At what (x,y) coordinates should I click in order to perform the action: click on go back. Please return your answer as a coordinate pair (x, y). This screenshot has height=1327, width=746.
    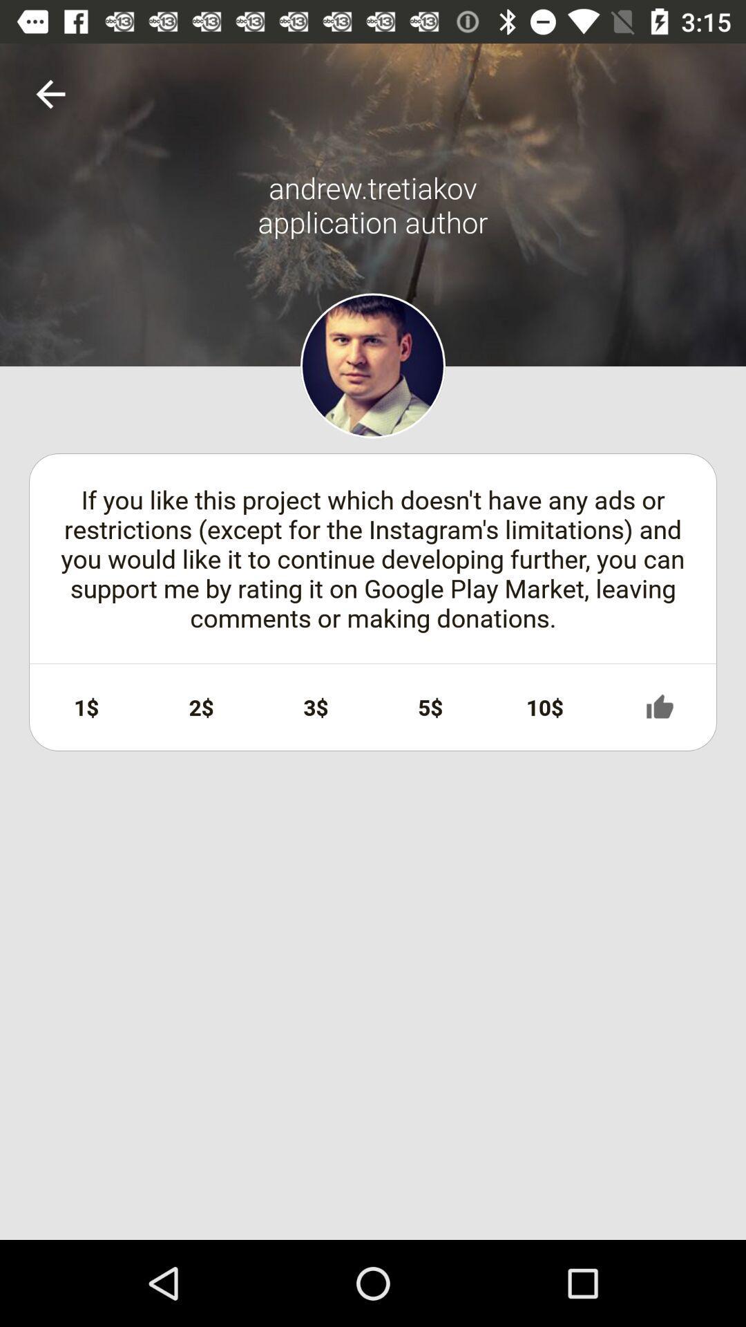
    Looking at the image, I should click on (50, 93).